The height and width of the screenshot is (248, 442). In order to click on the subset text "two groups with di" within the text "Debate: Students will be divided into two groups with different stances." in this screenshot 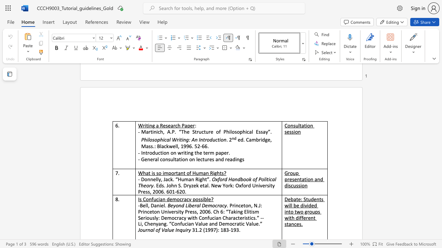, I will do `click(295, 211)`.